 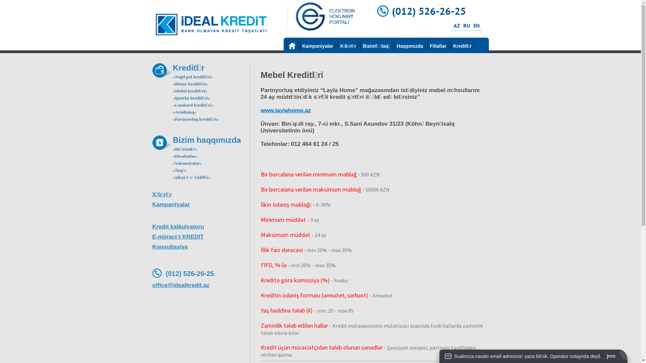 What do you see at coordinates (286, 110) in the screenshot?
I see `'www.laylahome.az'` at bounding box center [286, 110].